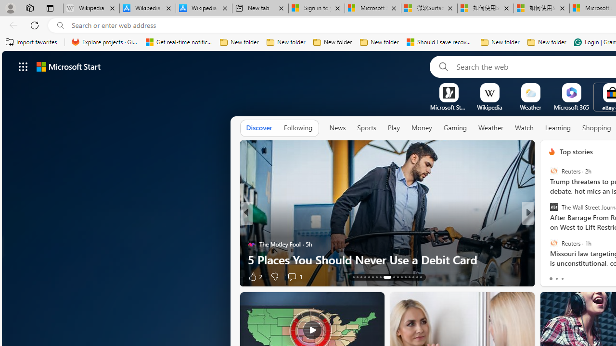 Image resolution: width=616 pixels, height=346 pixels. Describe the element at coordinates (448, 92) in the screenshot. I see `'To get missing image descriptions, open the context menu.'` at that location.